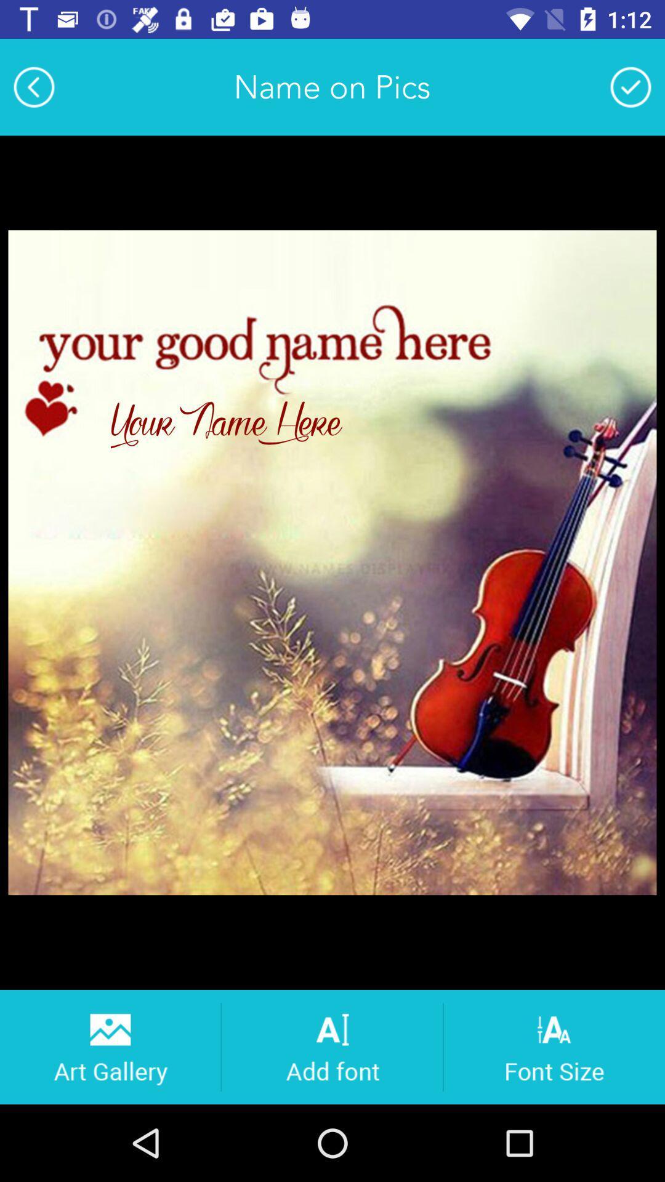 The width and height of the screenshot is (665, 1182). Describe the element at coordinates (631, 86) in the screenshot. I see `name on pics` at that location.